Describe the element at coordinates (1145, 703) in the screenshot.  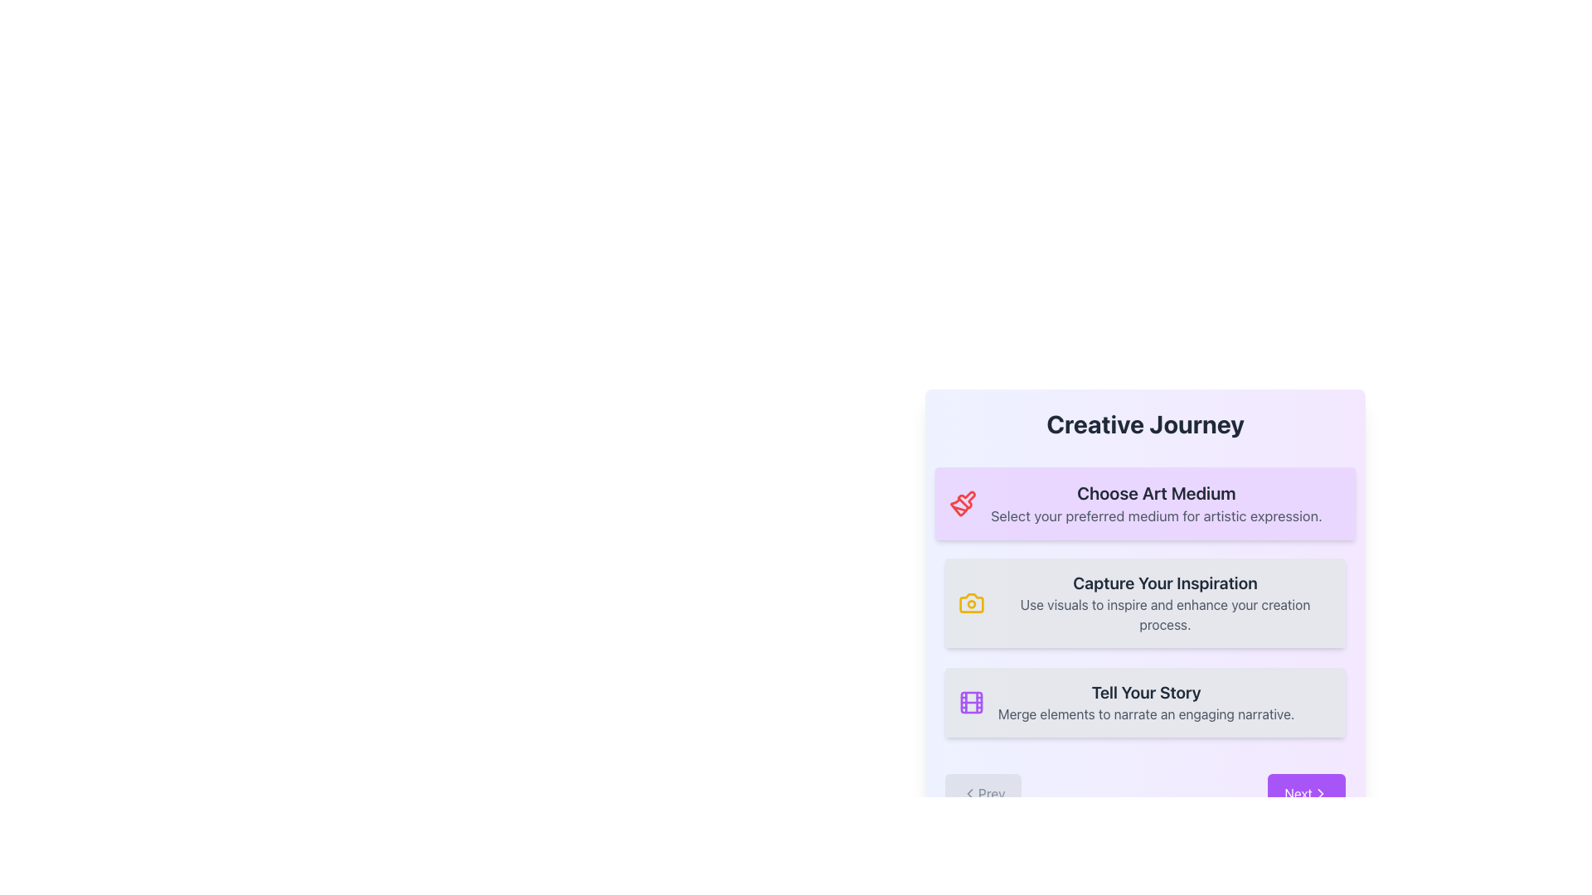
I see `the text block displaying the title 'Tell Your Story' and subtitle 'Merge elements to narrate an engaging narrative', which is part of a clickable interface card located in the central column layout` at that location.